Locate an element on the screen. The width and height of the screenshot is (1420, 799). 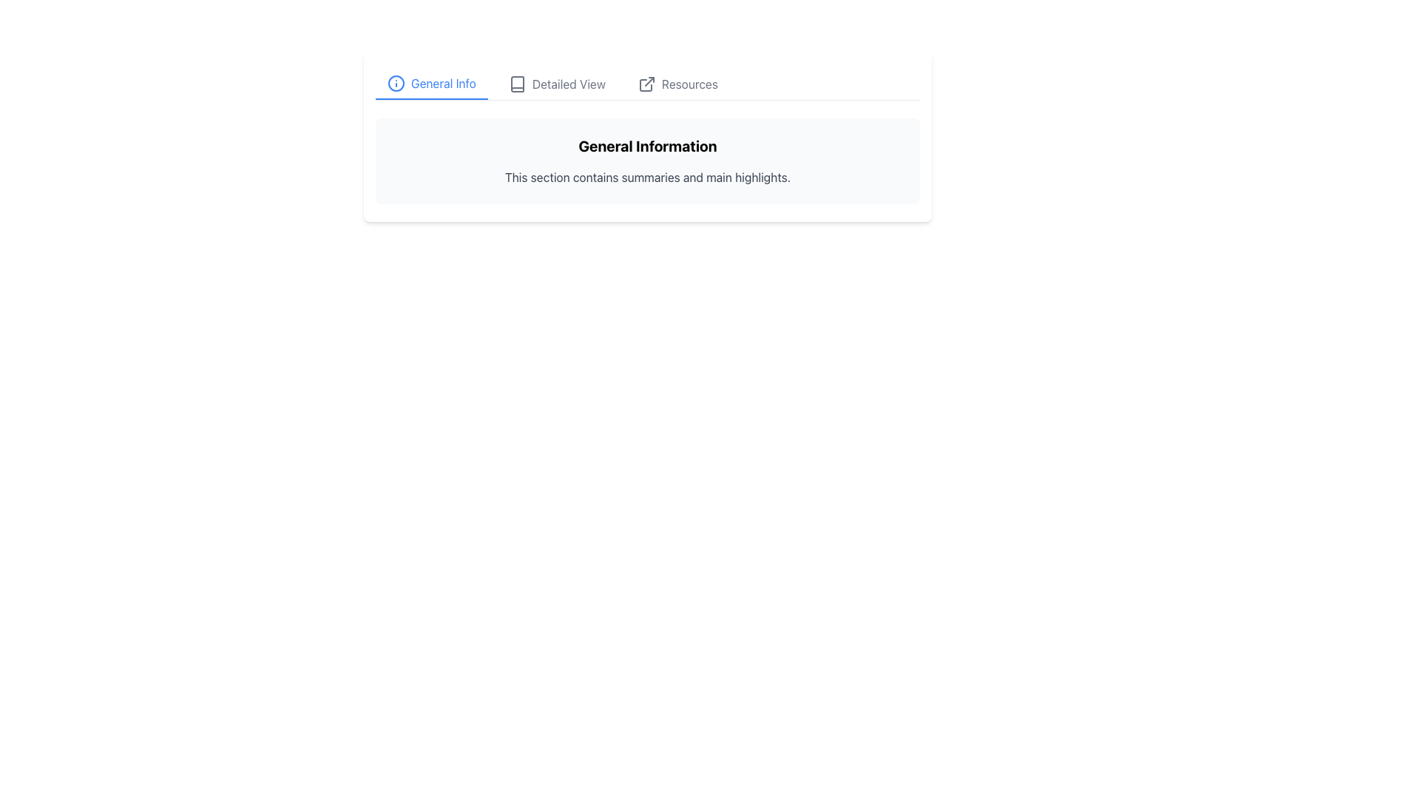
the 'Resources' text label at the far-right position of the menu bar is located at coordinates (689, 84).